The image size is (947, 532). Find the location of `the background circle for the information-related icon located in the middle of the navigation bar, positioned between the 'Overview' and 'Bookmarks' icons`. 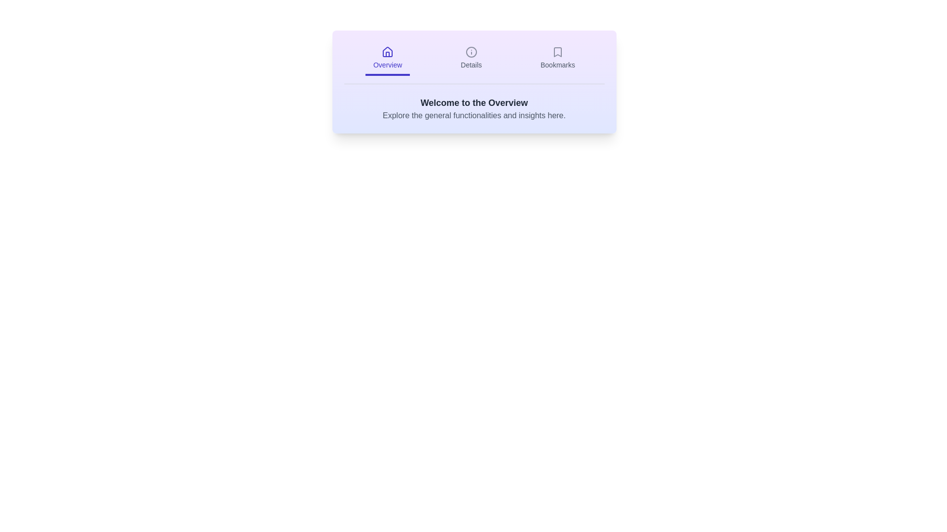

the background circle for the information-related icon located in the middle of the navigation bar, positioned between the 'Overview' and 'Bookmarks' icons is located at coordinates (471, 52).